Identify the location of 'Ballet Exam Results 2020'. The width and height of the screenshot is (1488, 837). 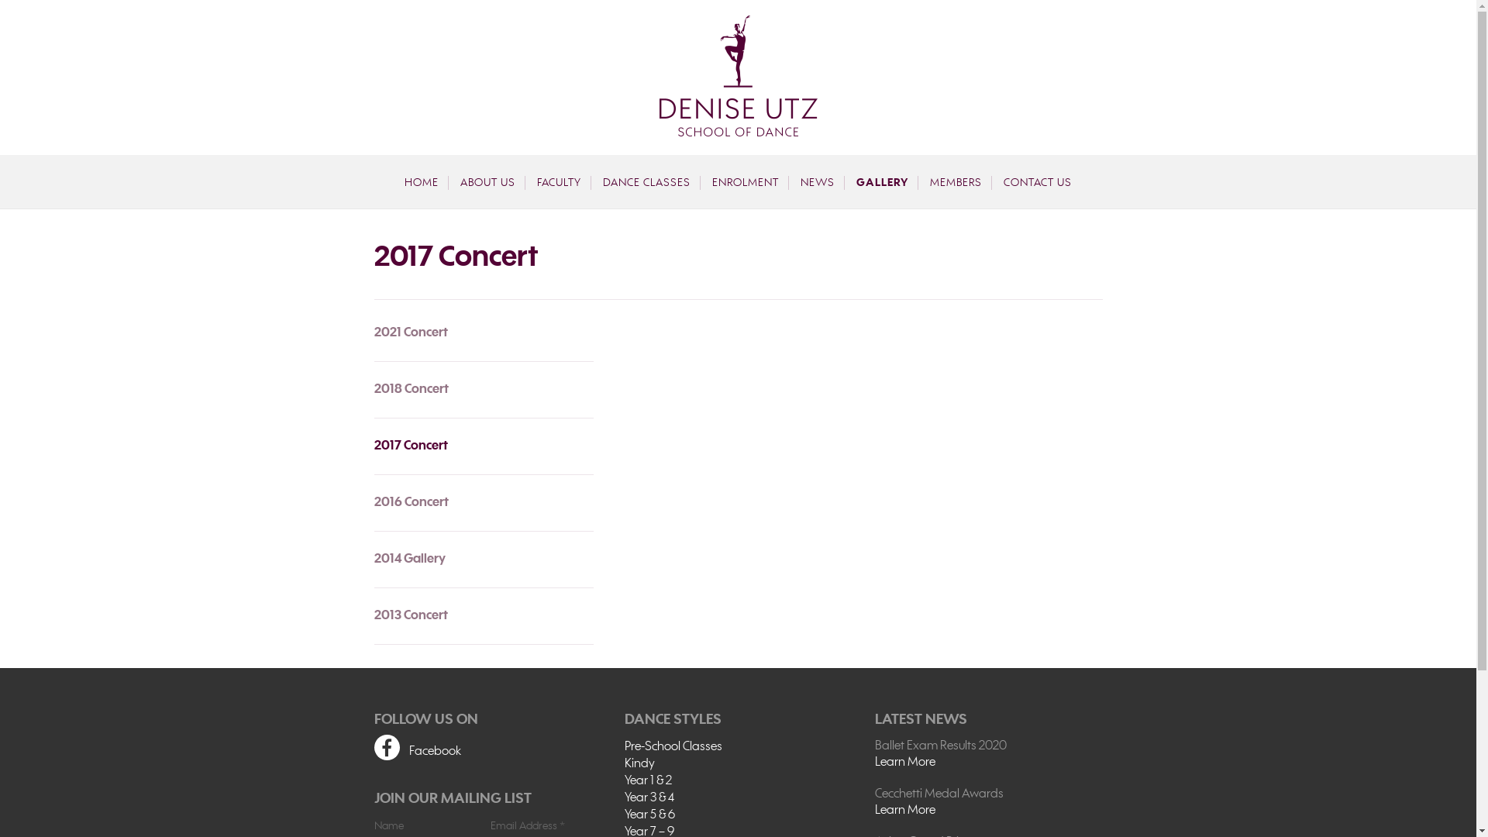
(874, 746).